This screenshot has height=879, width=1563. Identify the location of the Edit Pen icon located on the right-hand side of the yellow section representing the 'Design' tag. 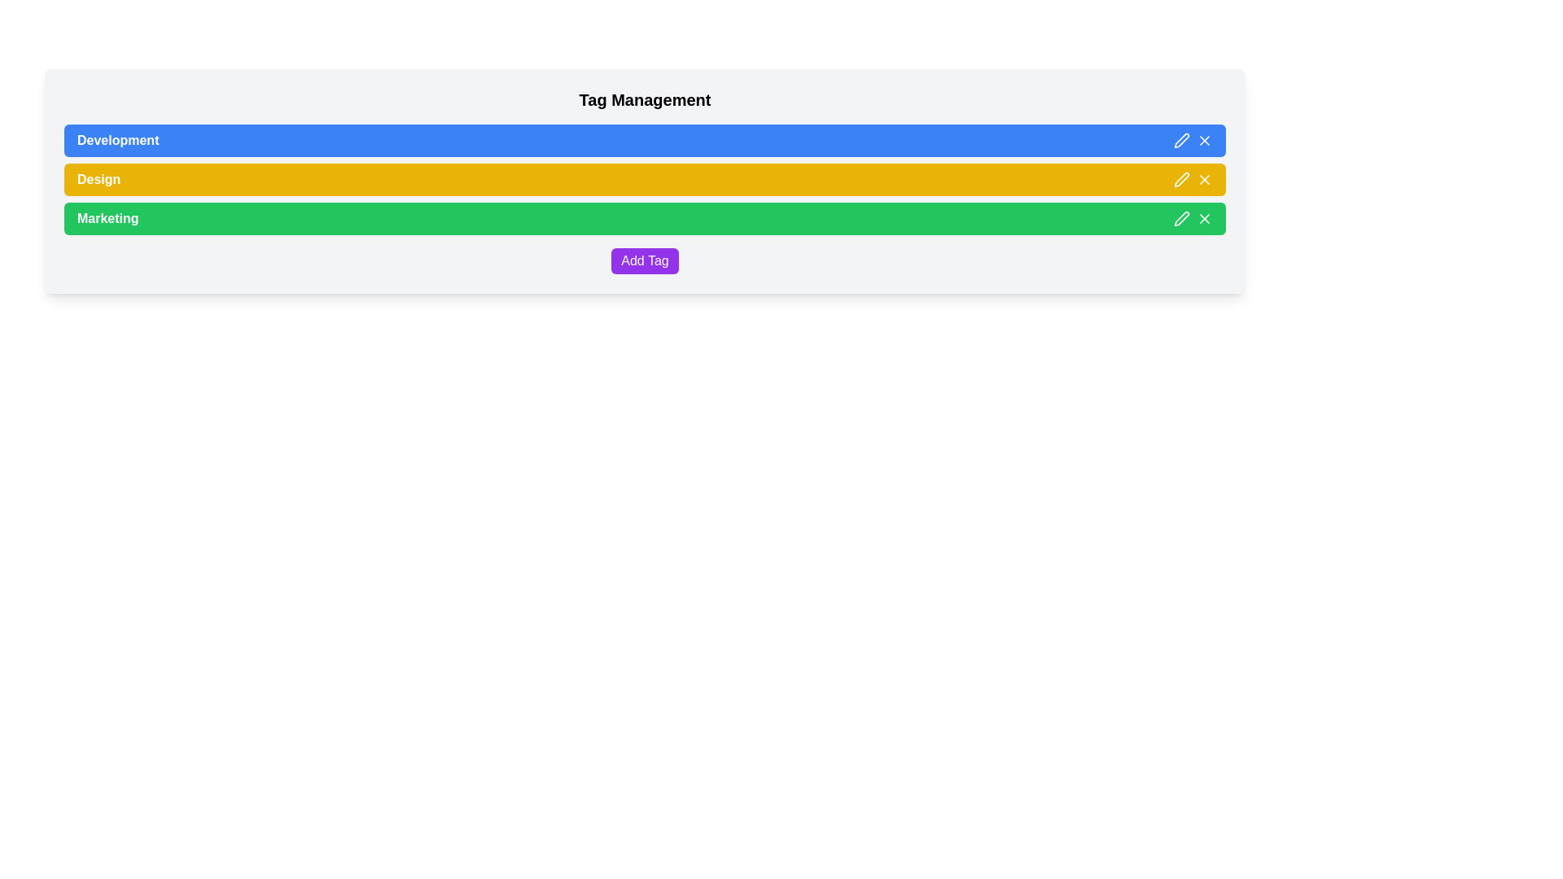
(1181, 178).